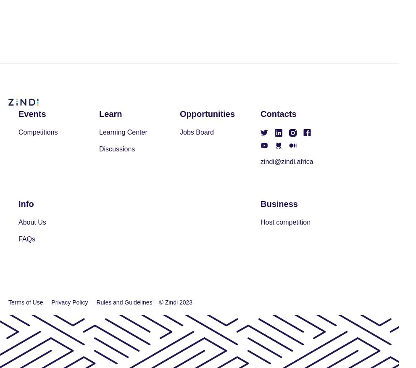 The image size is (416, 368). What do you see at coordinates (287, 161) in the screenshot?
I see `'zindi@zindi.africa'` at bounding box center [287, 161].